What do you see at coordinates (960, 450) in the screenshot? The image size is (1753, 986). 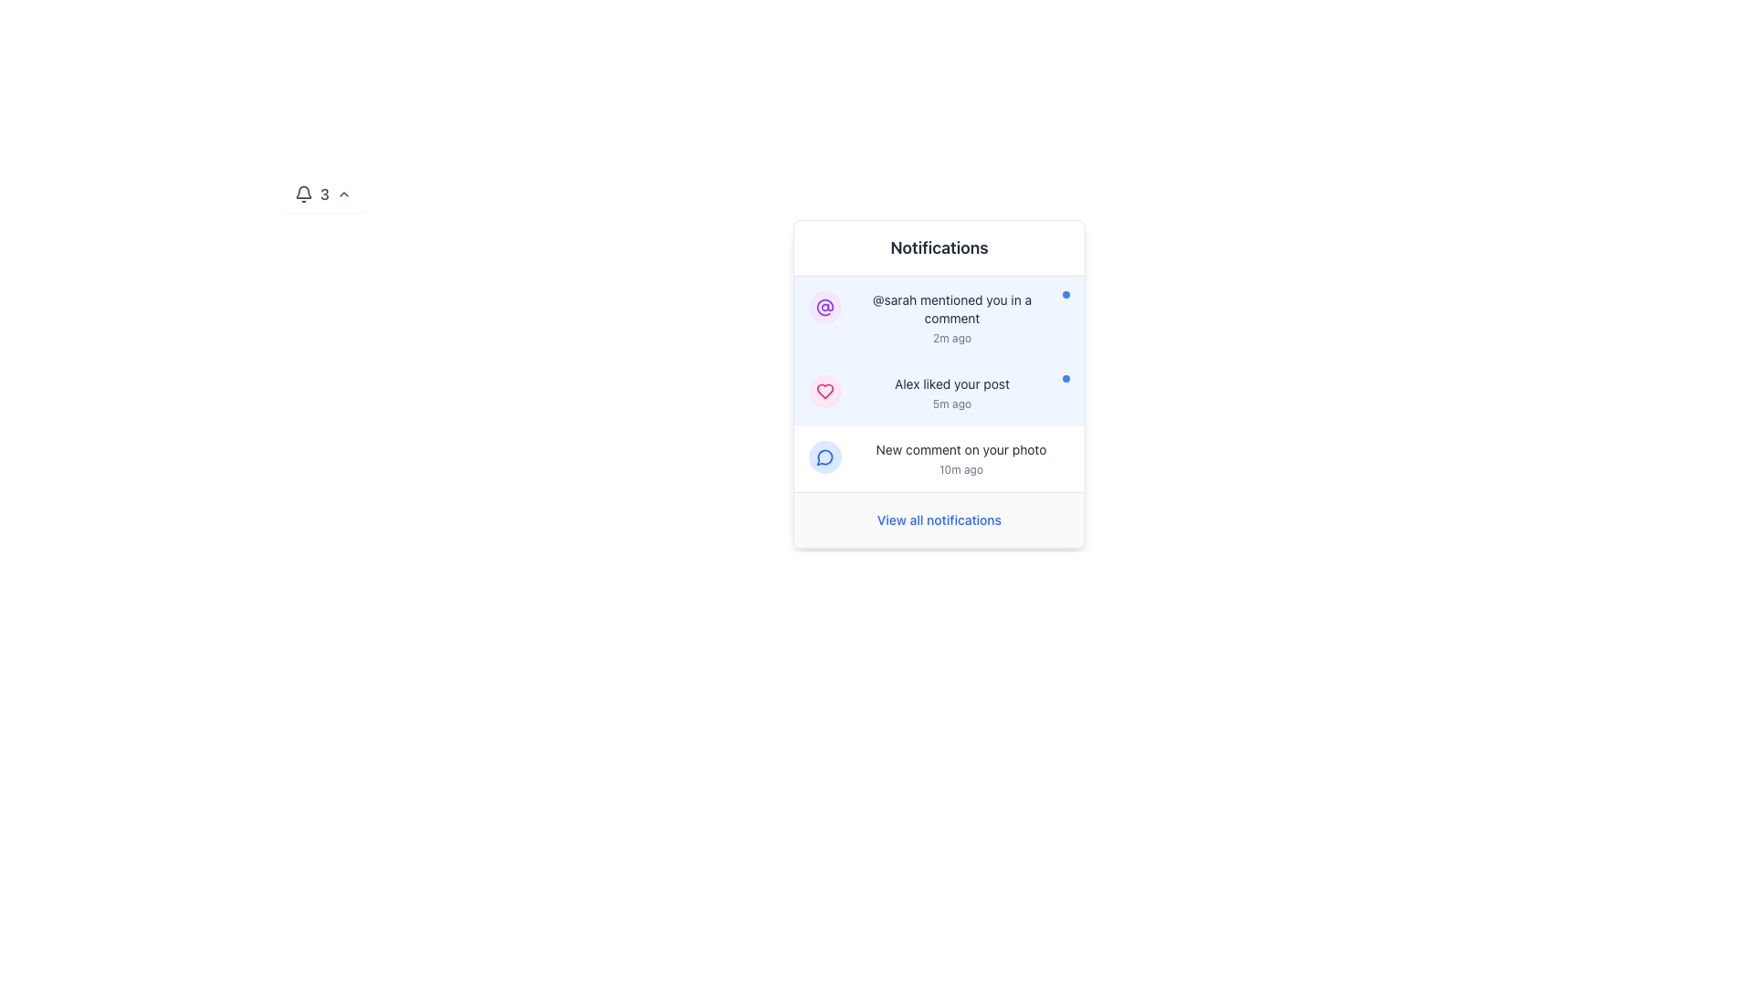 I see `the static text element that notifies the user of a new comment on their photo, located in the third row of the notification list` at bounding box center [960, 450].